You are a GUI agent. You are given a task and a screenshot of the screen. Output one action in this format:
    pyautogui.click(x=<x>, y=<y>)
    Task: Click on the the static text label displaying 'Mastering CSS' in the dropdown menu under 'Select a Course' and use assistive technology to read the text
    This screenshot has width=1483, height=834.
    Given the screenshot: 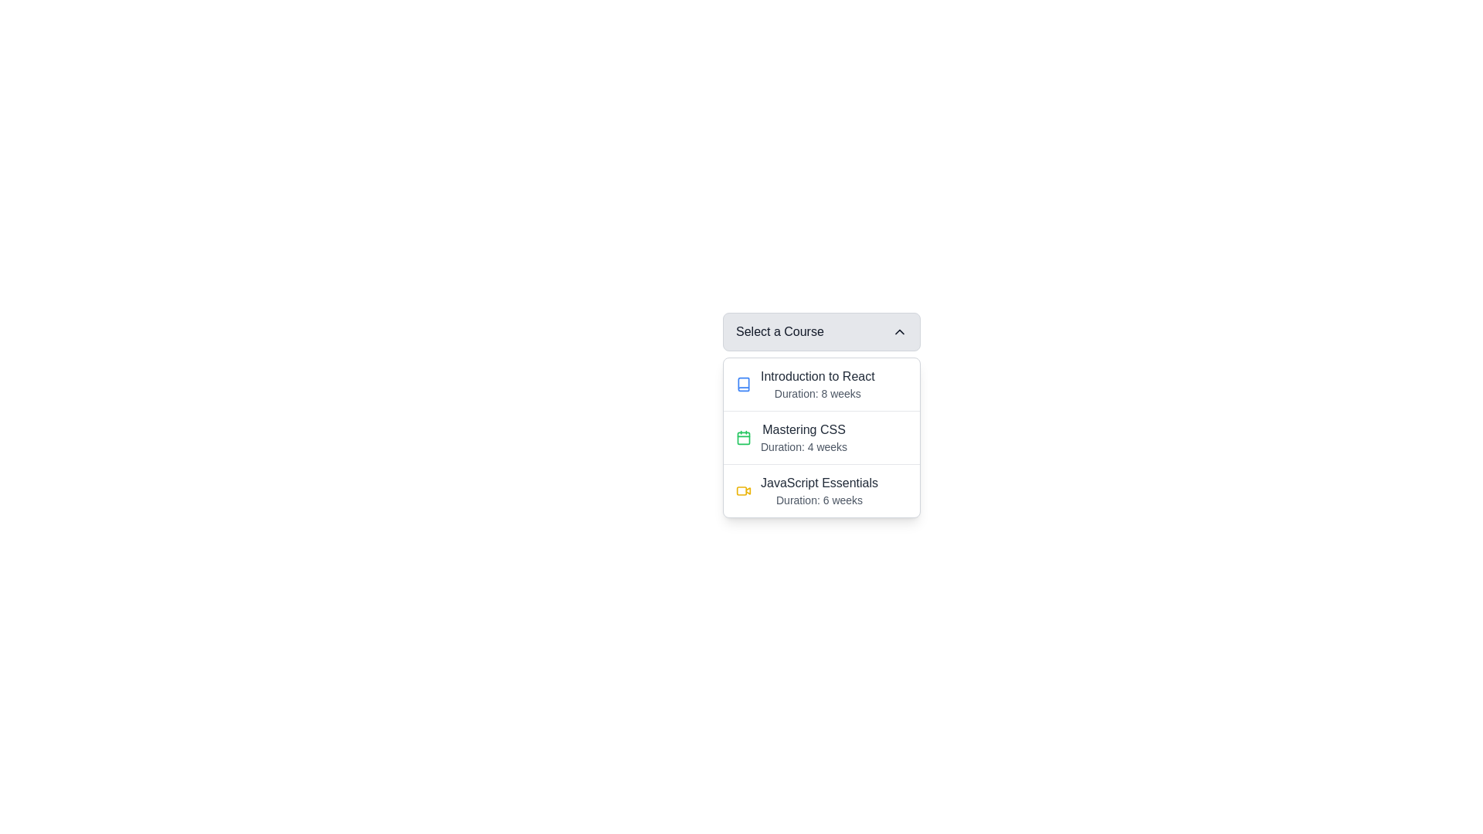 What is the action you would take?
    pyautogui.click(x=803, y=429)
    